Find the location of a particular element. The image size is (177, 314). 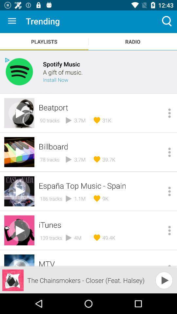

the play icon is located at coordinates (157, 282).